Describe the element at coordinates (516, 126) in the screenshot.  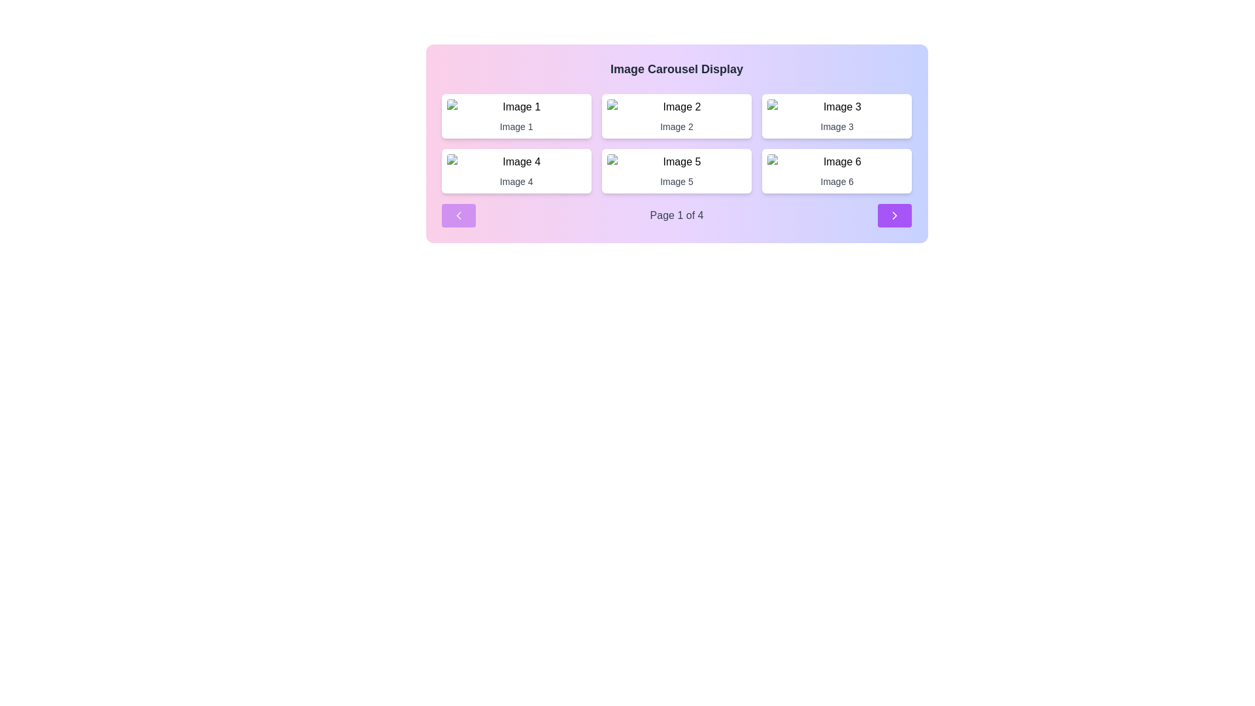
I see `the text label element that displays 'Image 1', which is centered beneath an image placeholder in the first card of a 3x2 grid layout within a carousel component` at that location.